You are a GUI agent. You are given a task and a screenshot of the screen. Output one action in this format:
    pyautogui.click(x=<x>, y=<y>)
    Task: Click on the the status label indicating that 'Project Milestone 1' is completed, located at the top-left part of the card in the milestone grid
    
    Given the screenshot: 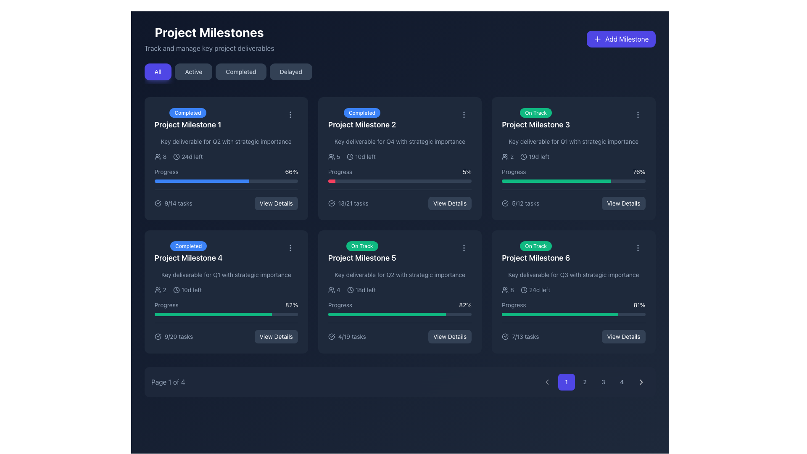 What is the action you would take?
    pyautogui.click(x=187, y=112)
    